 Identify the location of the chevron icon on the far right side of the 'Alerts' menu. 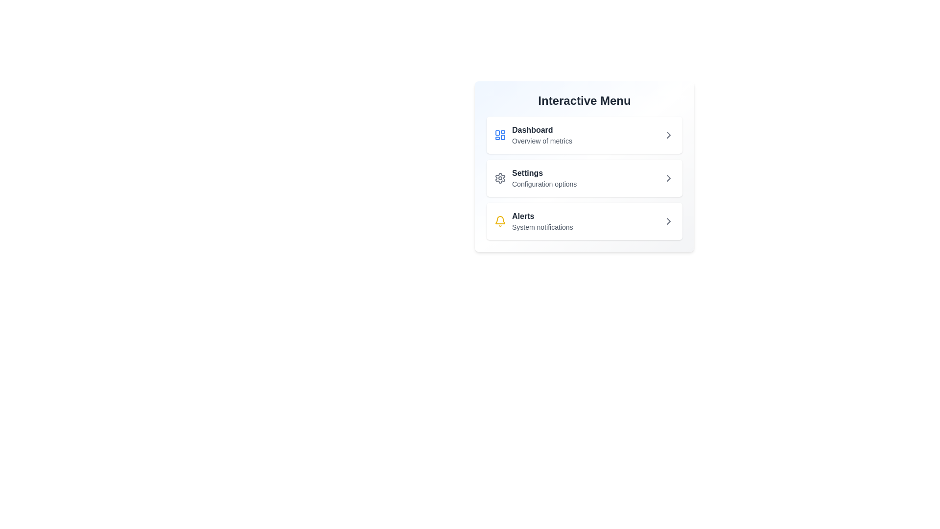
(668, 221).